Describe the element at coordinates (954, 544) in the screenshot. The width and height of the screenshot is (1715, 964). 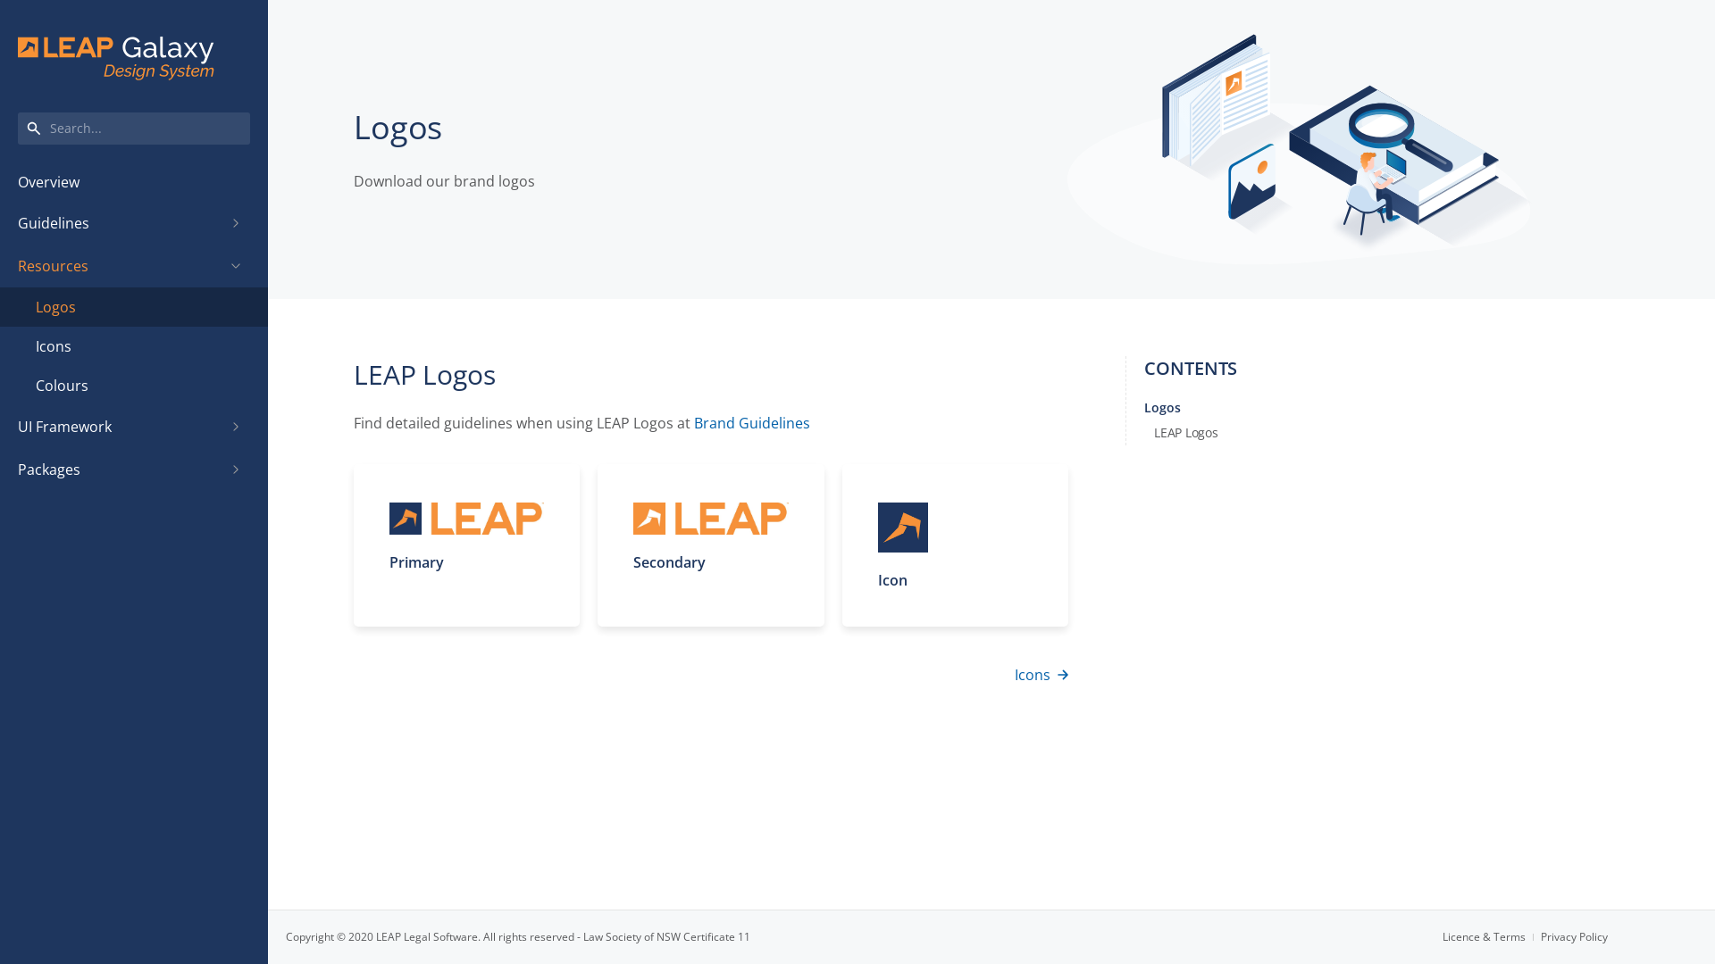
I see `'Icon'` at that location.